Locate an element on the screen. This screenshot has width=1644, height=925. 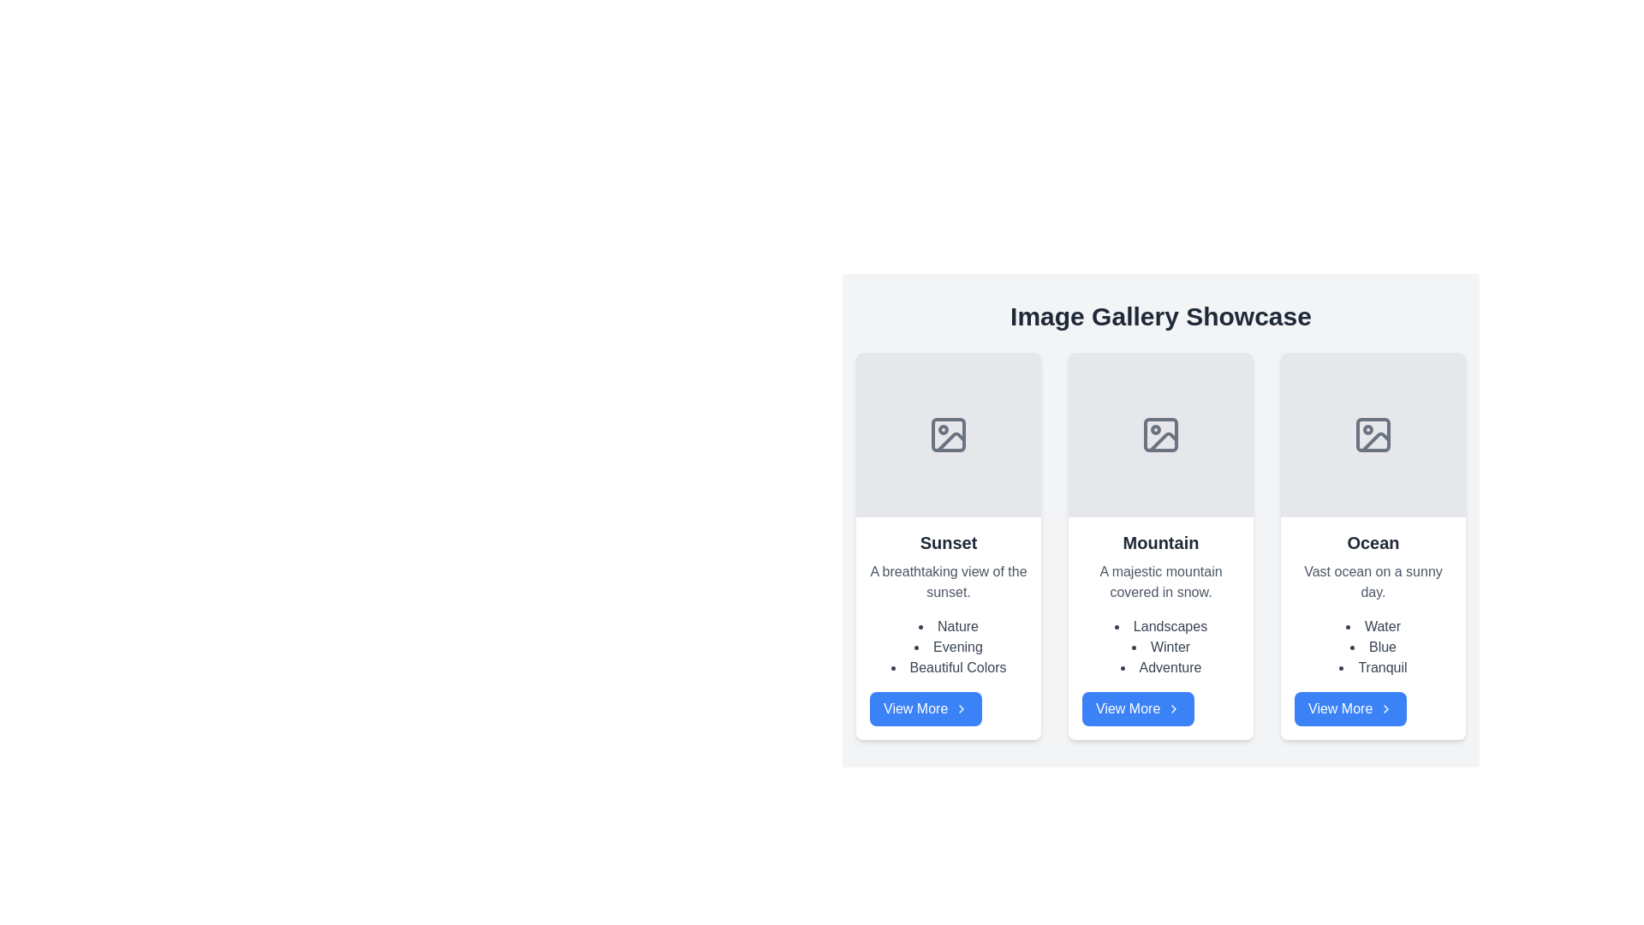
the bulleted list element containing items 'Nature', 'Evening', and 'Beautiful Colors', which is located below the description text 'A breathtaking view of the sunset.' and above the 'View More' button is located at coordinates (948, 647).